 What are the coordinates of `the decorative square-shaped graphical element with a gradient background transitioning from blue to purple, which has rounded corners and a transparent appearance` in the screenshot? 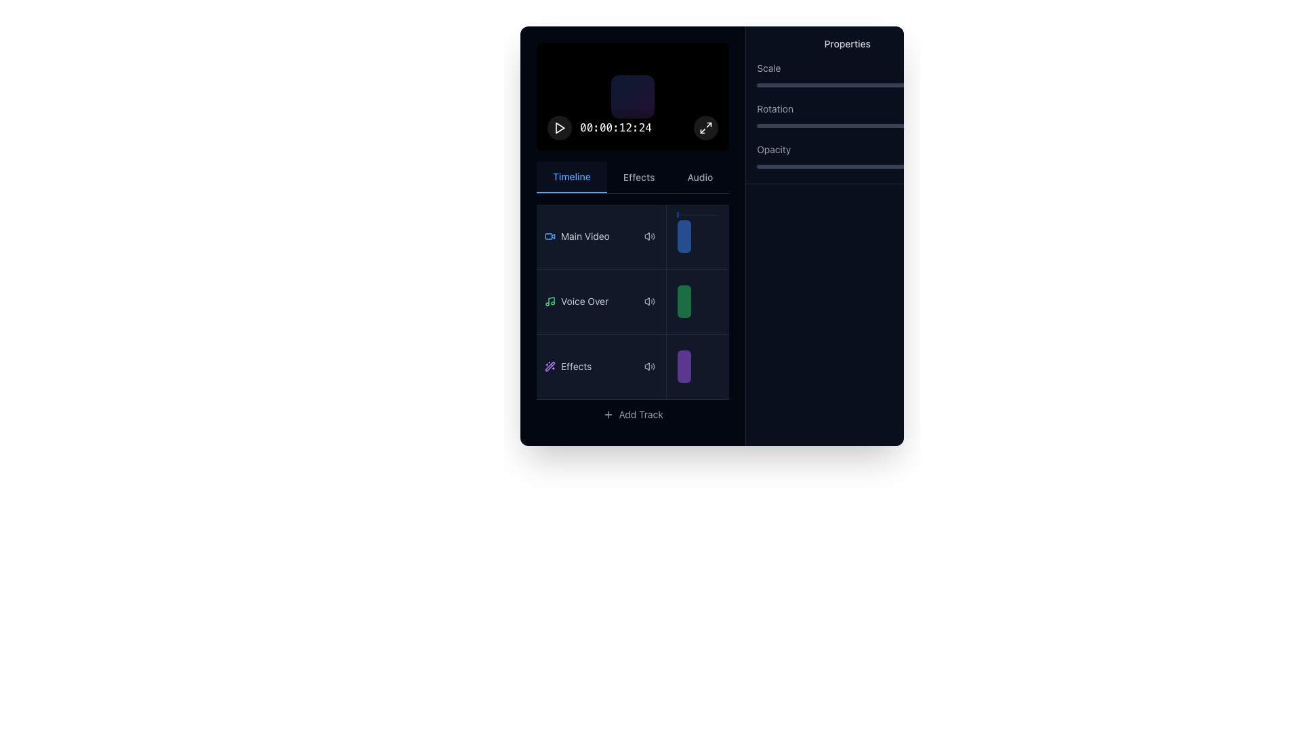 It's located at (632, 96).